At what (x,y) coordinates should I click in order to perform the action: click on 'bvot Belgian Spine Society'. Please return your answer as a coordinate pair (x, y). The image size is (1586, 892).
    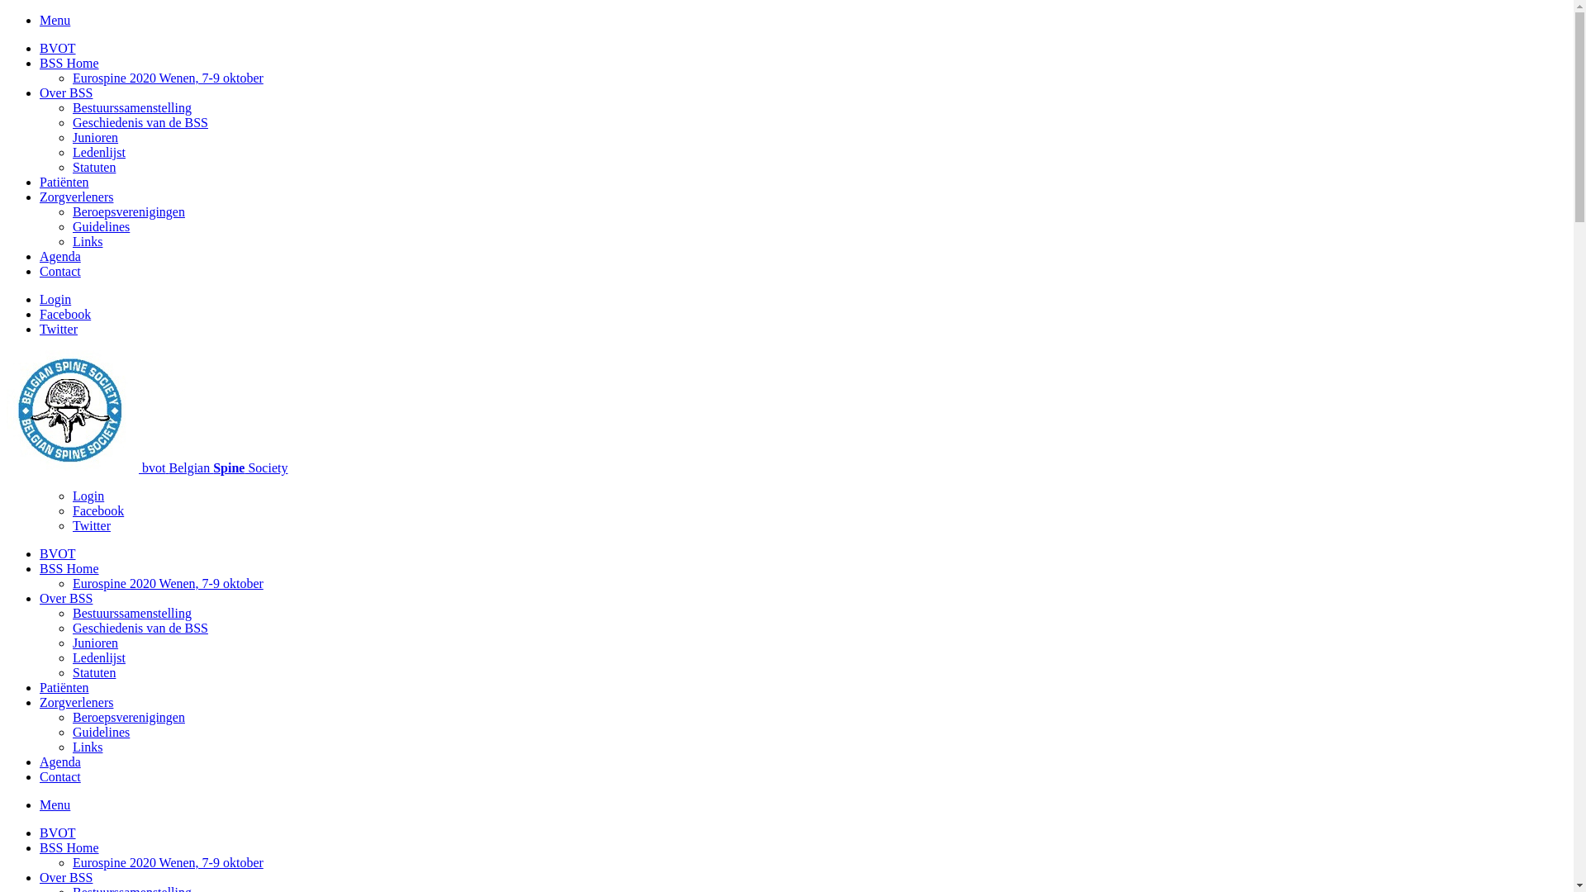
    Looking at the image, I should click on (213, 467).